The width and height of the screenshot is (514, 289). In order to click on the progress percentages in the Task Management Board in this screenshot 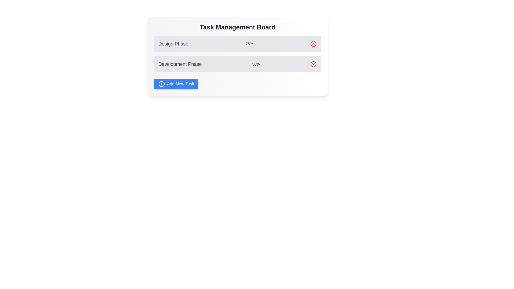, I will do `click(237, 56)`.